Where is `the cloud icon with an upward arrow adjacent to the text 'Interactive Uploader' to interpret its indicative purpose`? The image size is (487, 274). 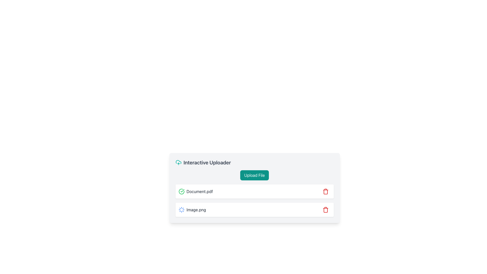 the cloud icon with an upward arrow adjacent to the text 'Interactive Uploader' to interpret its indicative purpose is located at coordinates (178, 162).